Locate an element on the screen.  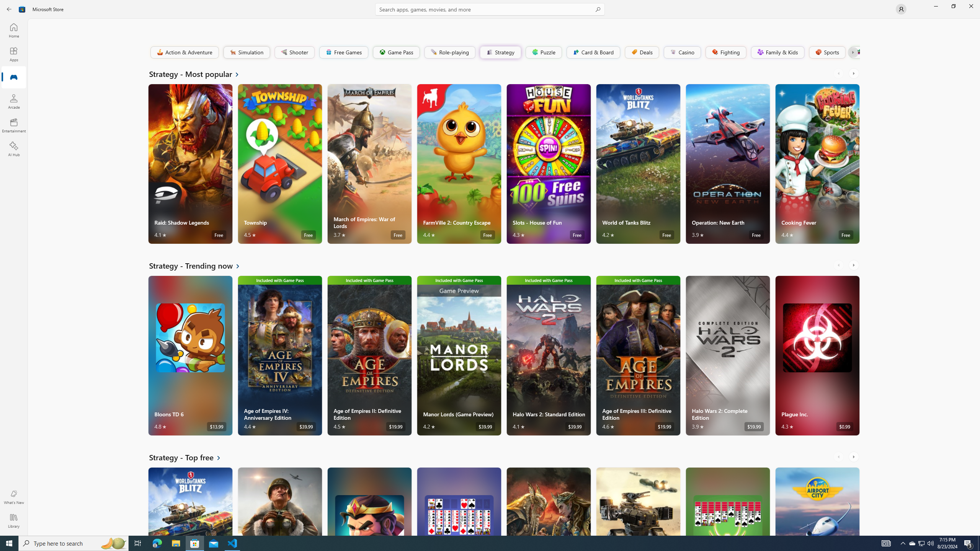
'Shooter' is located at coordinates (294, 52).